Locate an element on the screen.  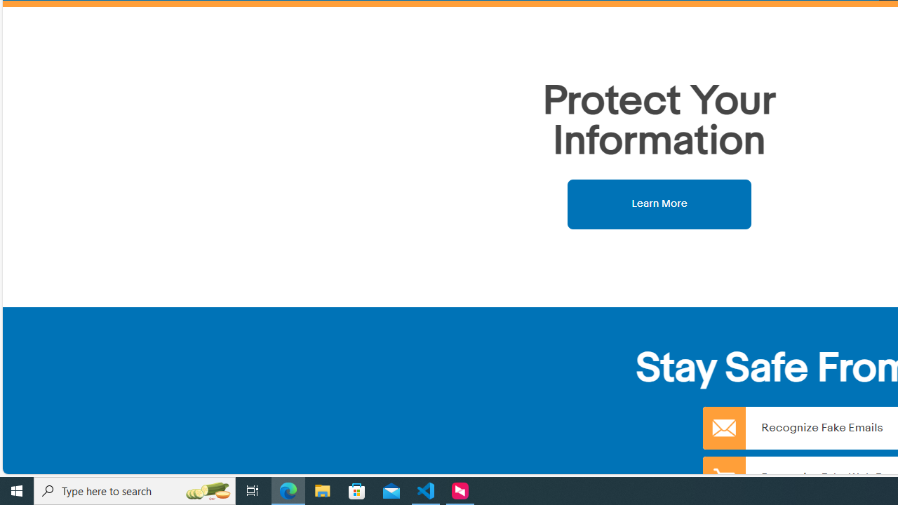
'Learn More' is located at coordinates (659, 203).